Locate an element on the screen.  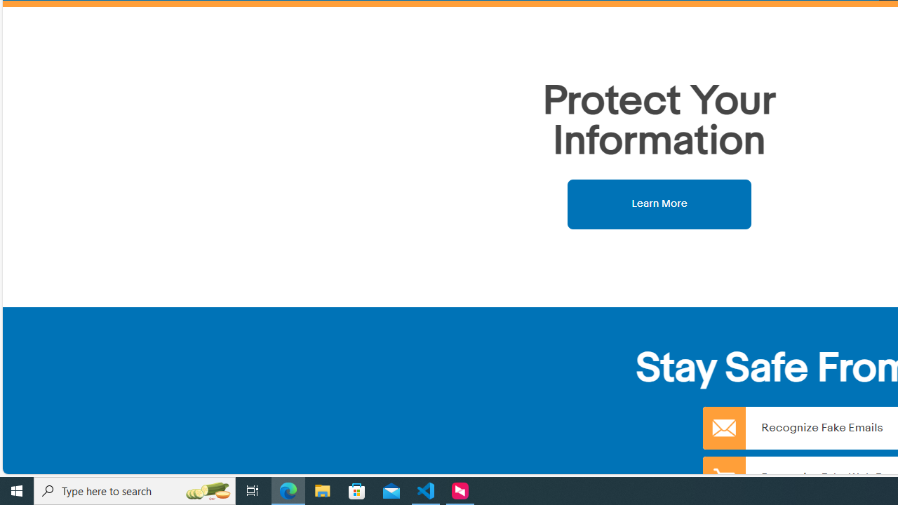
'Learn More' is located at coordinates (659, 203).